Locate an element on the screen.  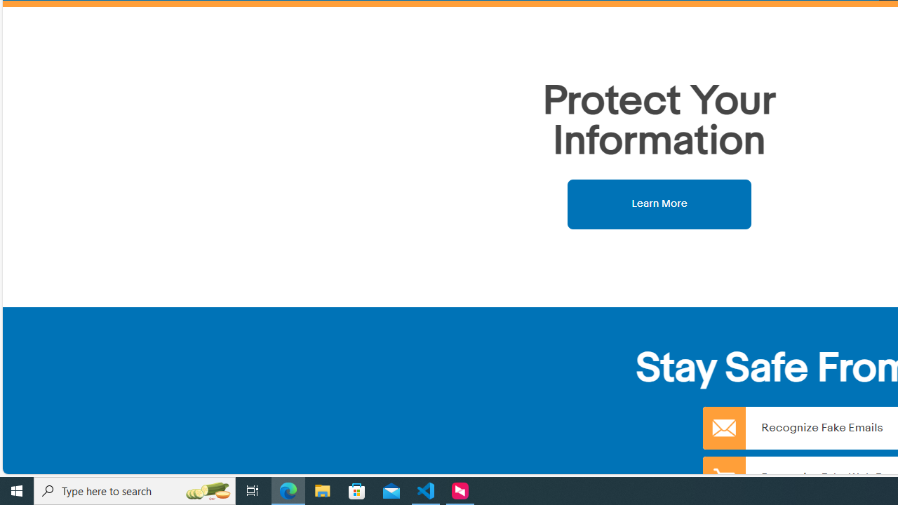
'Learn More' is located at coordinates (659, 203).